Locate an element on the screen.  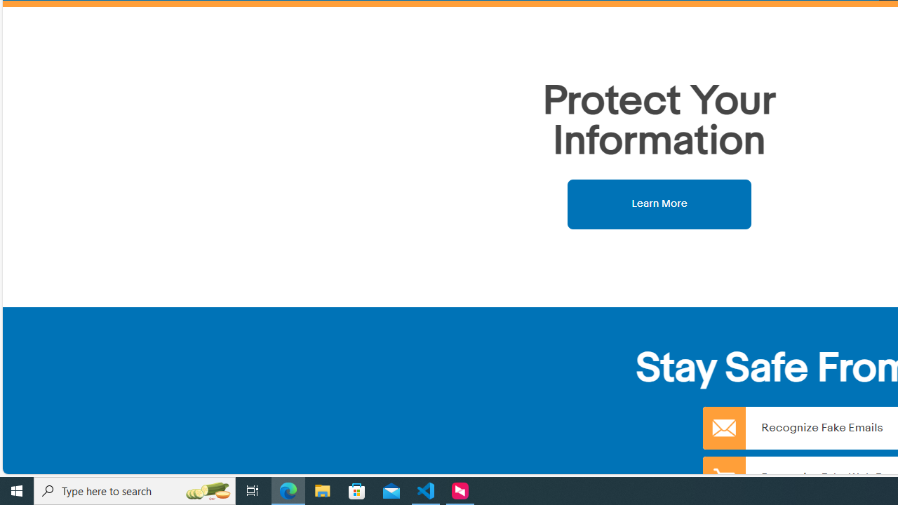
'Learn More' is located at coordinates (659, 203).